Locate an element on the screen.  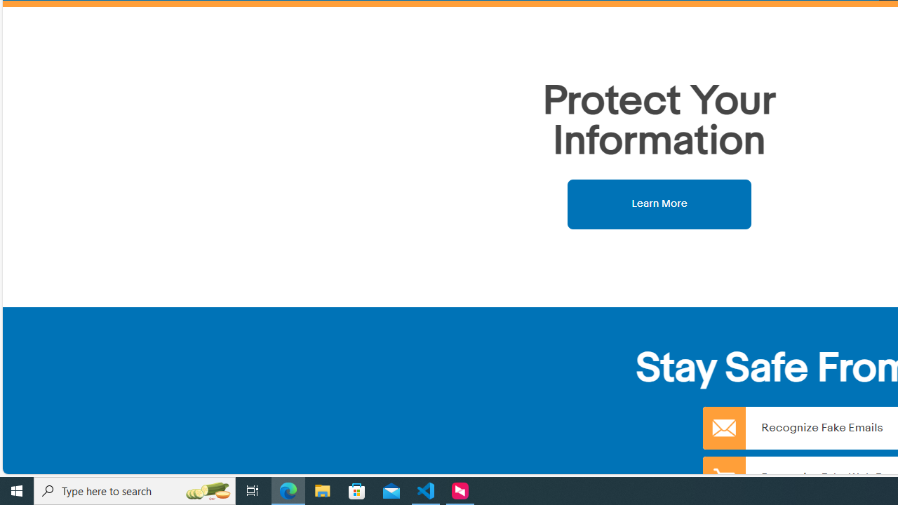
'Learn More' is located at coordinates (659, 203).